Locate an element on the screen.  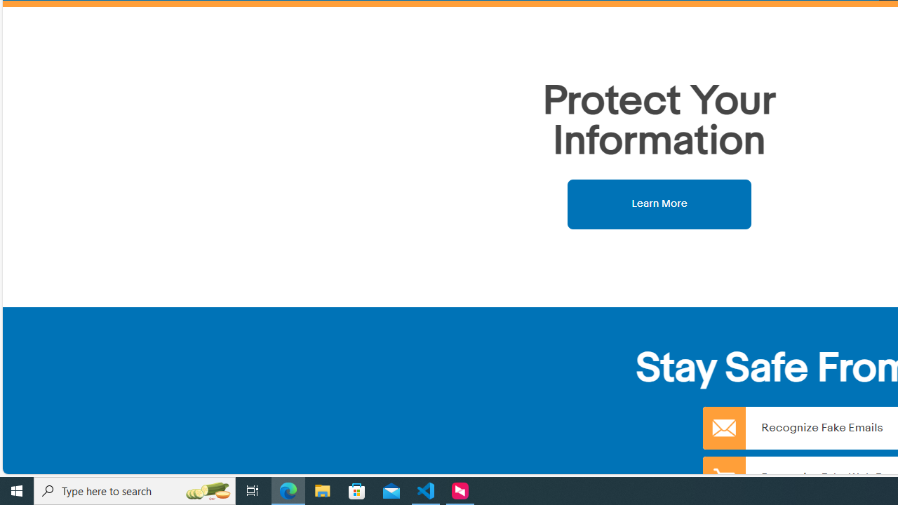
'Learn More' is located at coordinates (659, 203).